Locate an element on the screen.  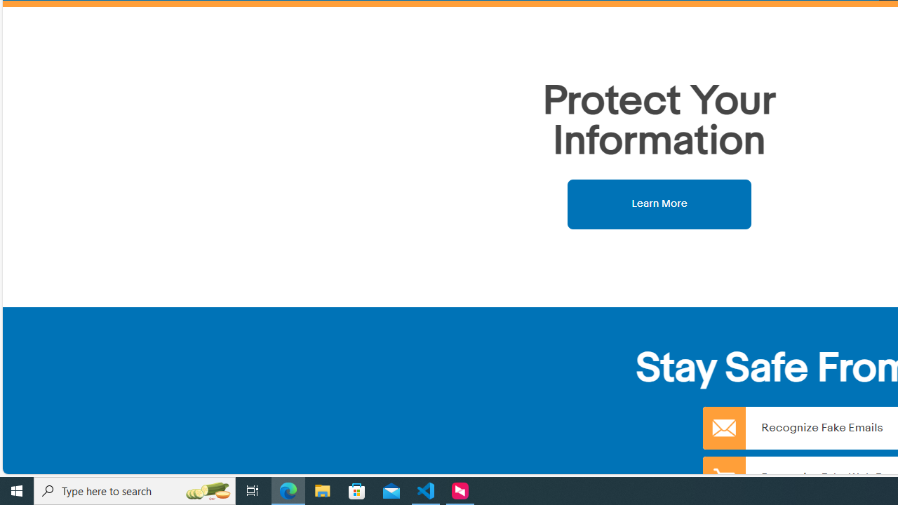
'Learn More' is located at coordinates (659, 203).